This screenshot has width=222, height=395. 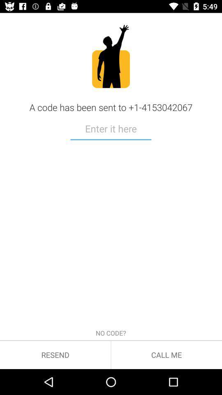 What do you see at coordinates (111, 130) in the screenshot?
I see `item below the a code has icon` at bounding box center [111, 130].